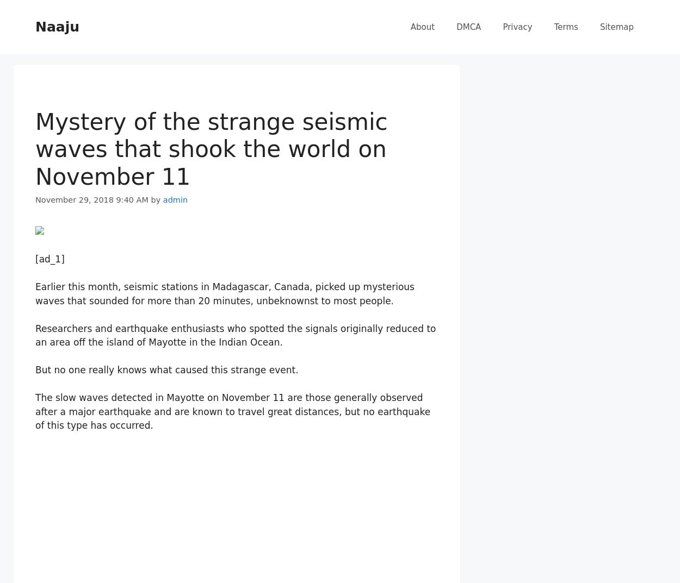 This screenshot has height=583, width=680. I want to click on 'admin', so click(175, 199).